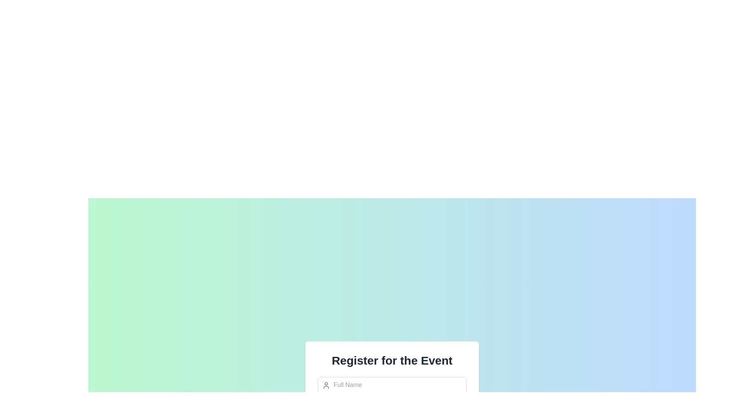  What do you see at coordinates (326, 385) in the screenshot?
I see `the icon that visually indicates the purpose of the adjacent text field for entering the user's name, located on the left side of the 'Full Name' input field` at bounding box center [326, 385].